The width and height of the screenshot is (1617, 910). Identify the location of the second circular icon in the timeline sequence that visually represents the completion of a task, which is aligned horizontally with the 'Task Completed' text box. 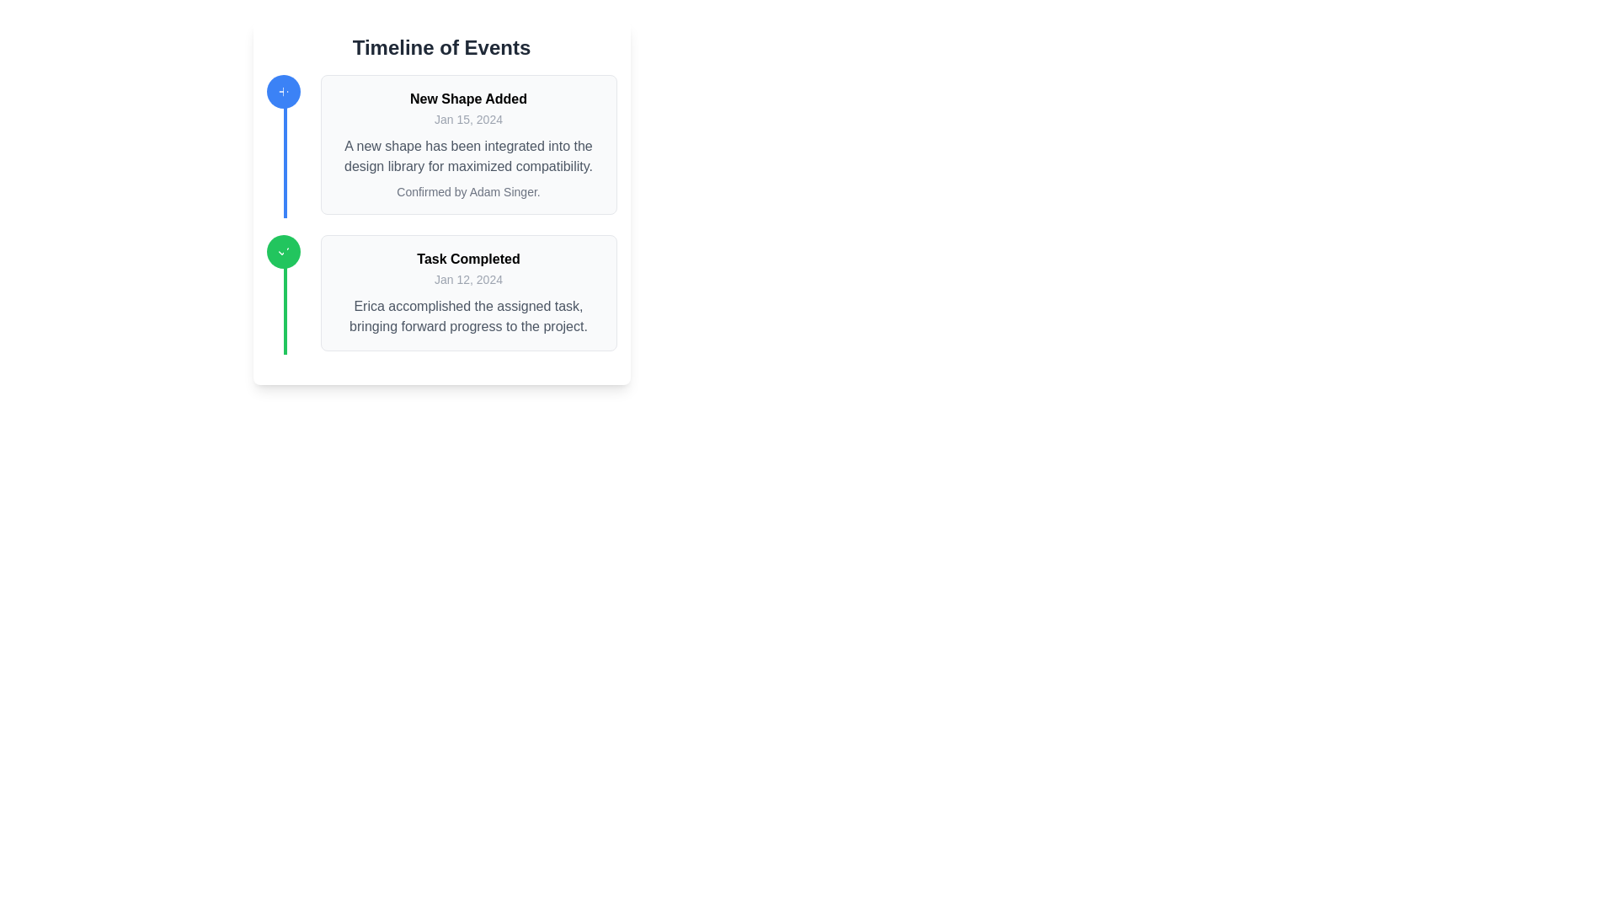
(283, 252).